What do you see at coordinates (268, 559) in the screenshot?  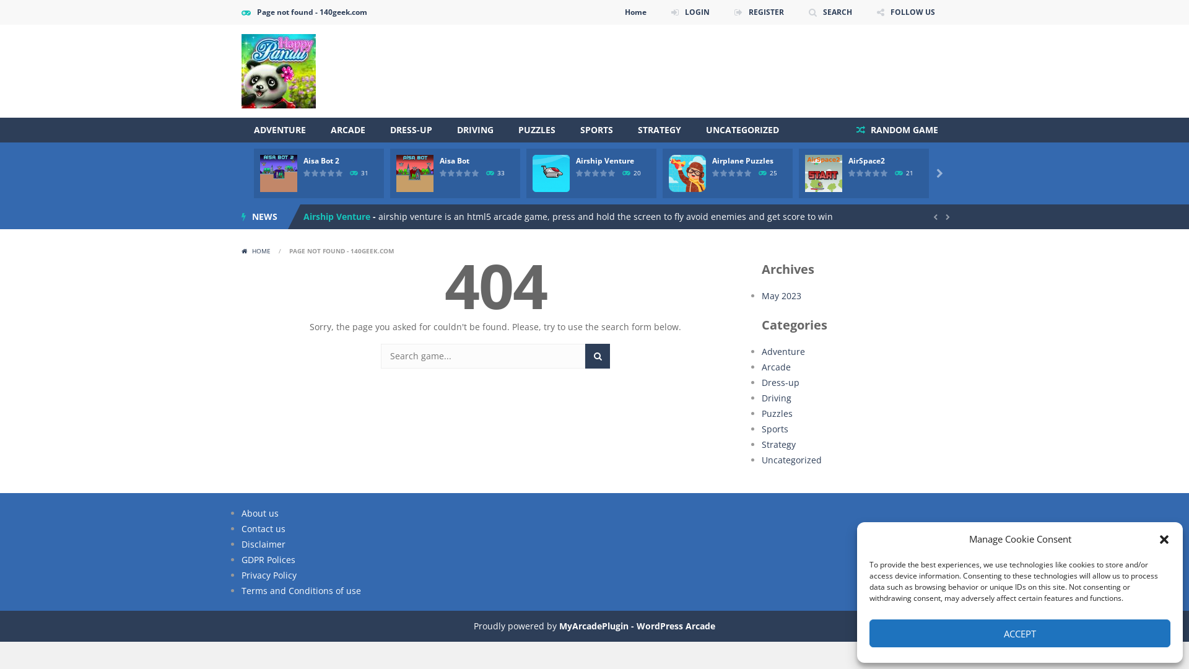 I see `'GDPR Polices'` at bounding box center [268, 559].